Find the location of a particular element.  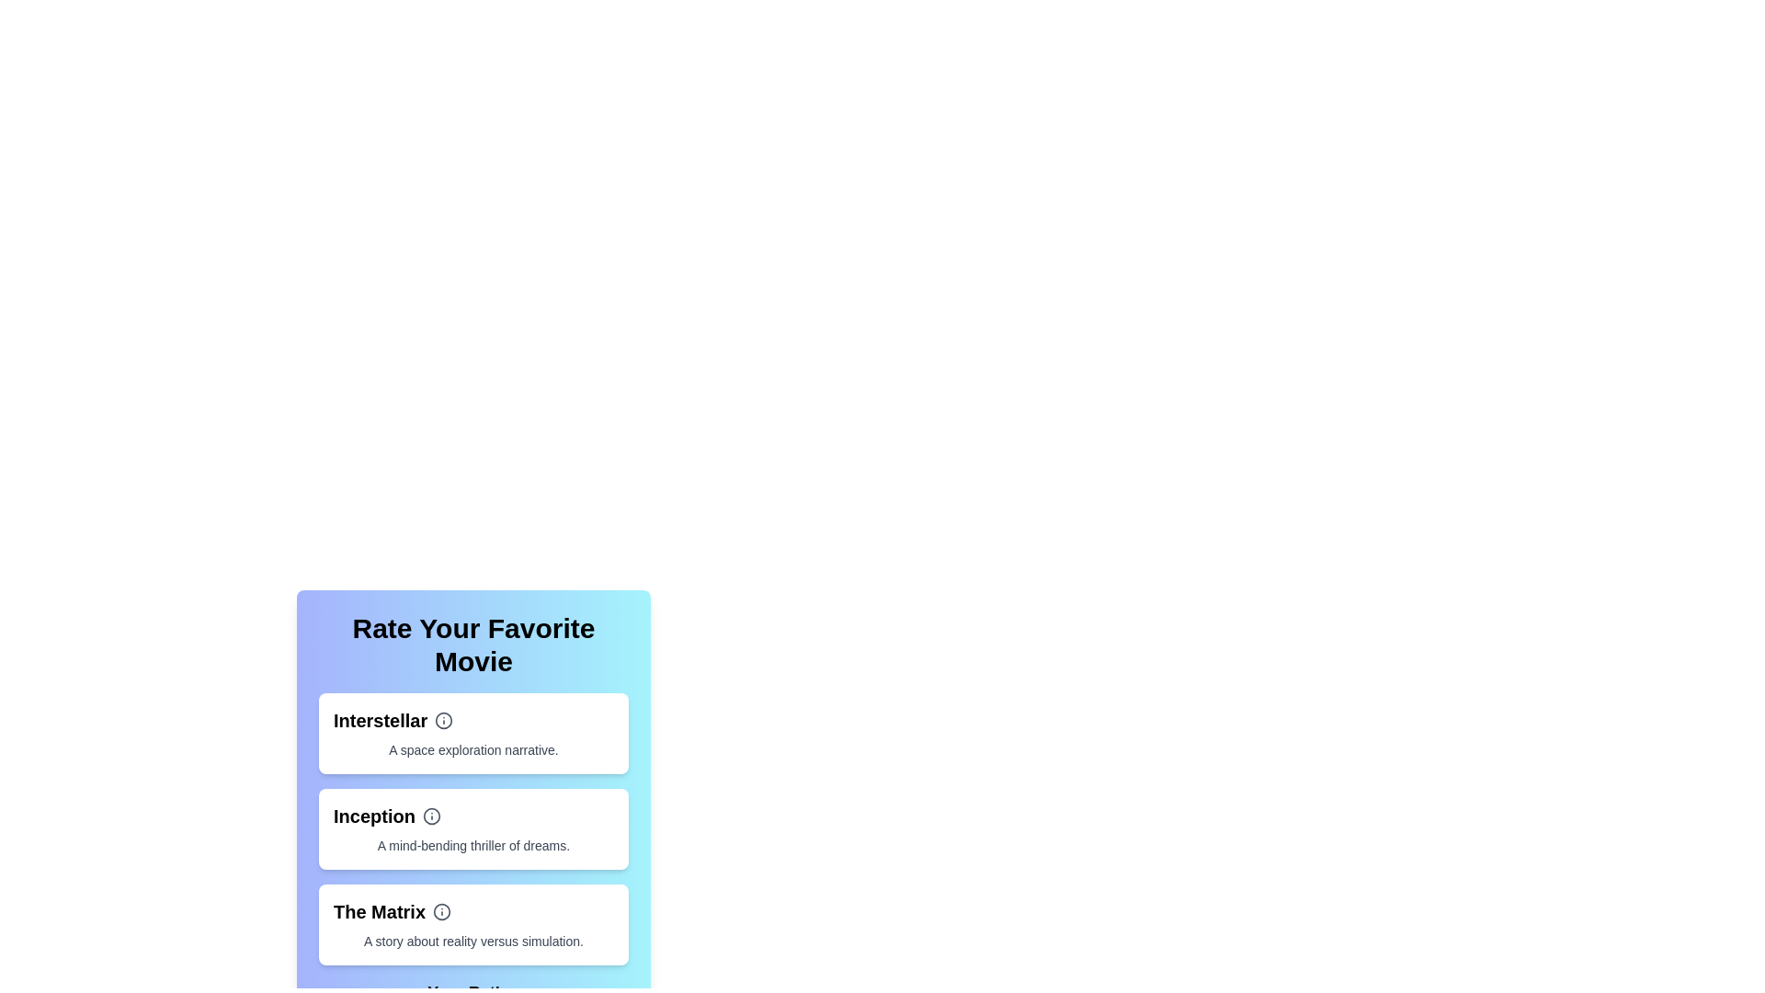

the Informational card displaying information about the movie 'Inception', which is the second card in a list of three movie cards is located at coordinates (473, 829).